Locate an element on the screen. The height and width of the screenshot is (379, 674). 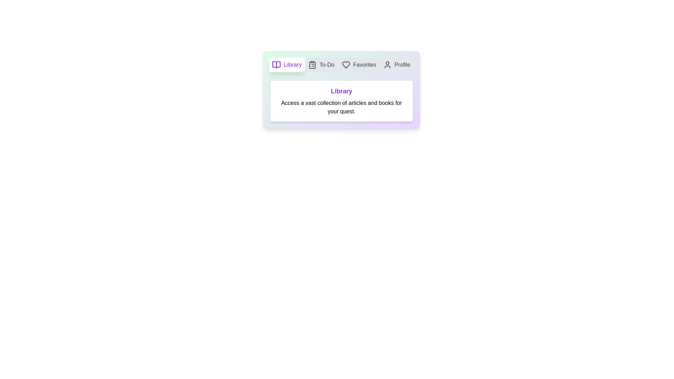
the tab labeled Library to preview its interactive state is located at coordinates (286, 65).